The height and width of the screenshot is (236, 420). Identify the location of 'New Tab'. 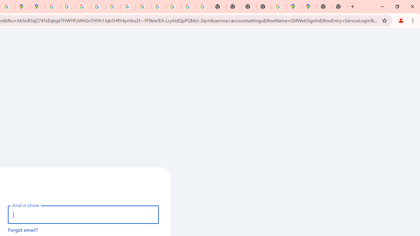
(325, 7).